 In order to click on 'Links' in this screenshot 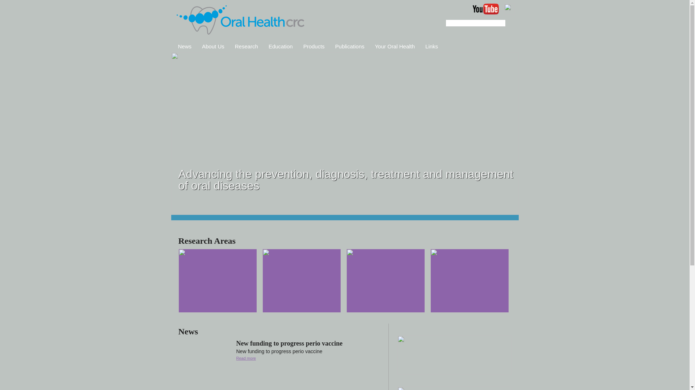, I will do `click(431, 46)`.